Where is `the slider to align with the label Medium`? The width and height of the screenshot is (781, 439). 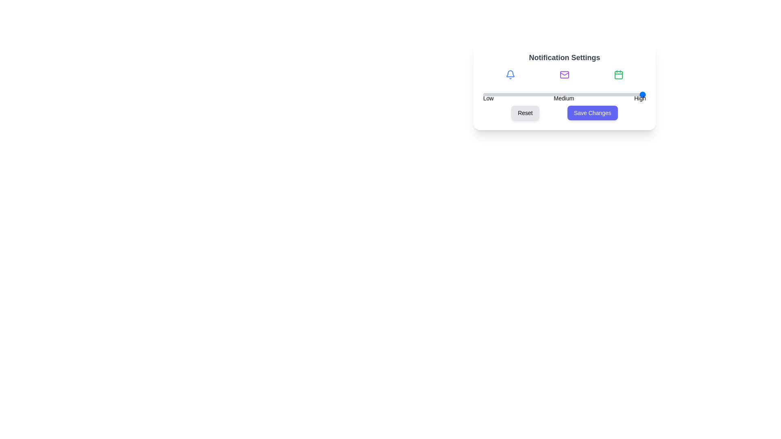
the slider to align with the label Medium is located at coordinates (563, 94).